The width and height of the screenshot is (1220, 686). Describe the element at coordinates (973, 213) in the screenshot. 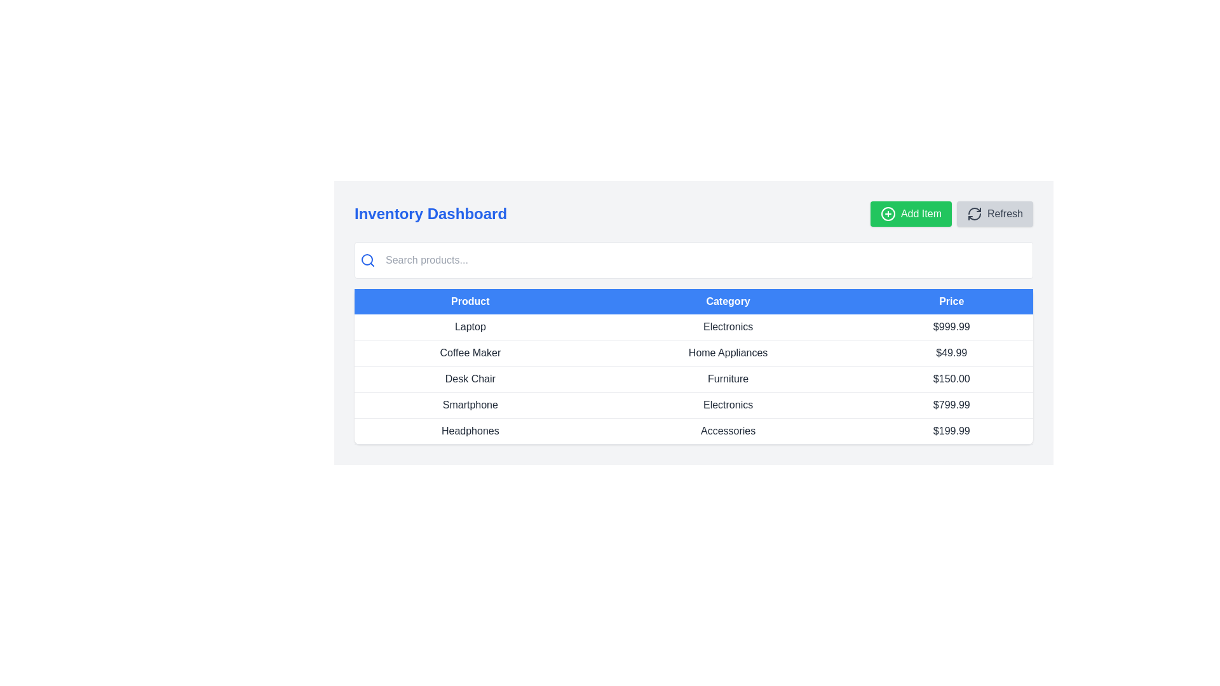

I see `the circular arrow icon representing a refresh action, located on the leftmost part of the 'Refresh' button at the top-right corner of the interface, to refresh the data or interface` at that location.